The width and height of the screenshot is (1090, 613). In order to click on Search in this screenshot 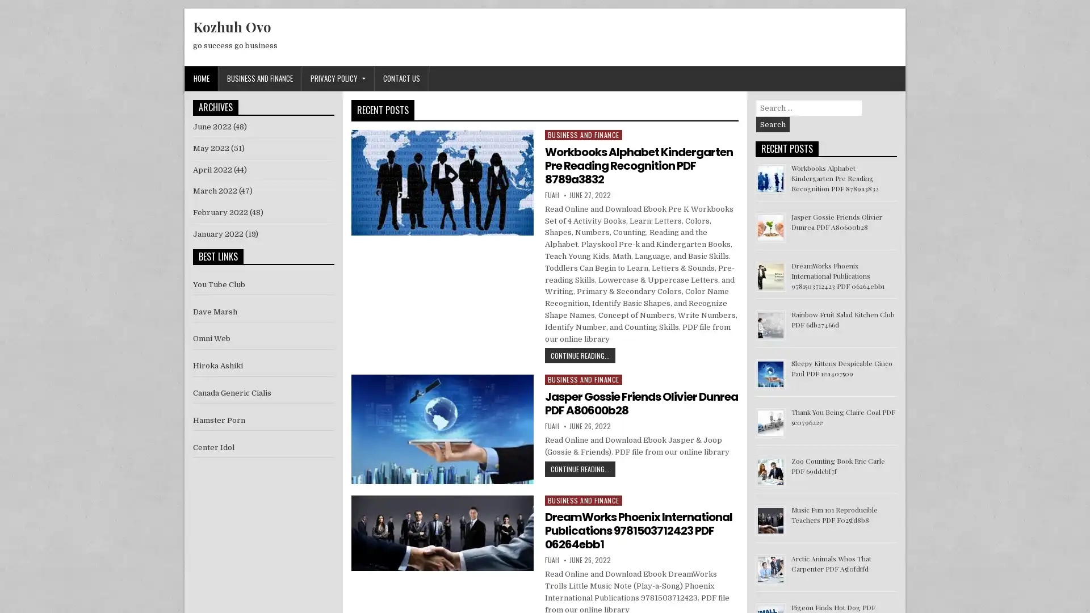, I will do `click(772, 124)`.